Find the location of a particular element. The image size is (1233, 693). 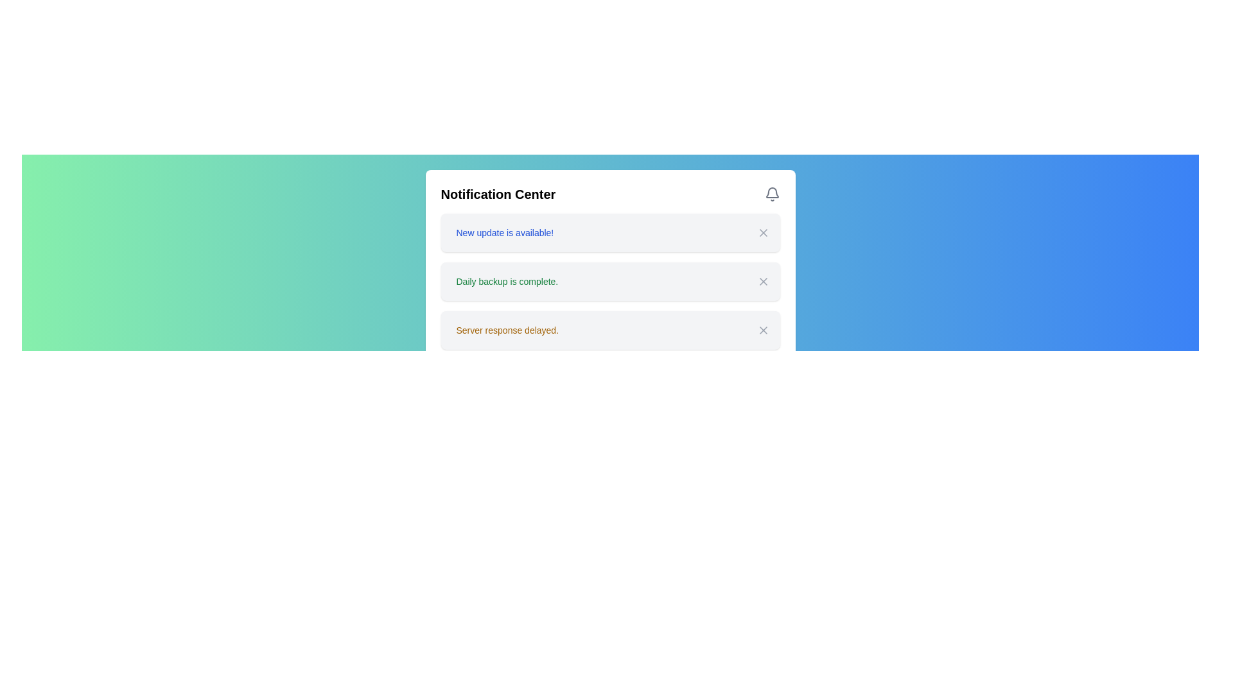

the Close Button located at the far-right corner of the notification bar that contains the text 'Server response delayed.' is located at coordinates (763, 330).